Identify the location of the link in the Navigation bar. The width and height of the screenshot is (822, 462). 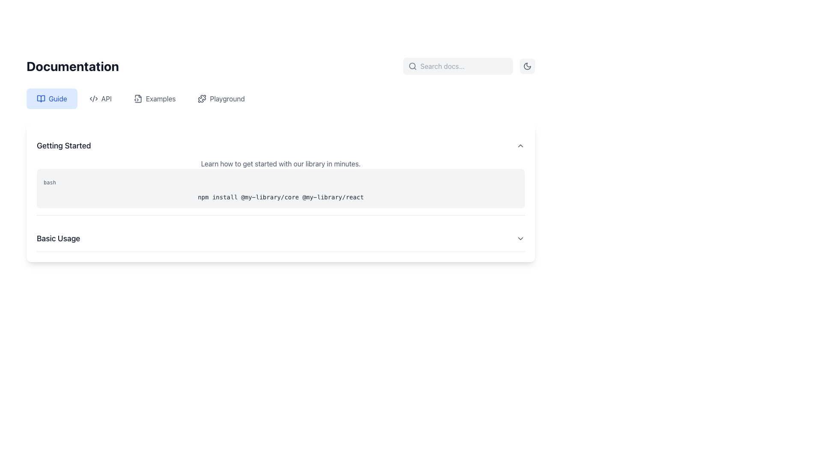
(281, 98).